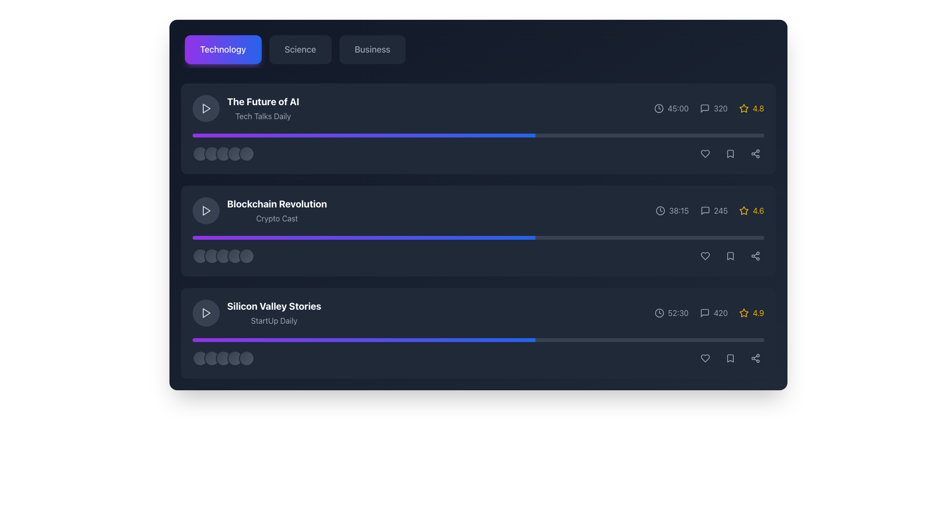 The image size is (927, 521). I want to click on the third circular button with a share icon, located to the right of the 'Blockchain Revolution' podcast entry, to share content, so click(755, 256).